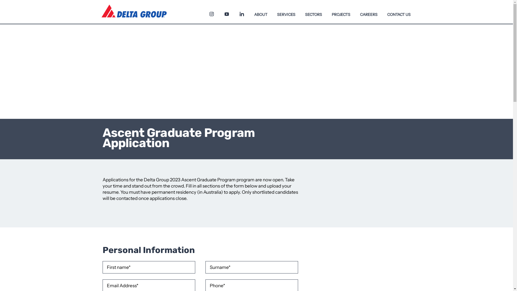 The image size is (517, 291). What do you see at coordinates (299, 12) in the screenshot?
I see `'SECTORS'` at bounding box center [299, 12].